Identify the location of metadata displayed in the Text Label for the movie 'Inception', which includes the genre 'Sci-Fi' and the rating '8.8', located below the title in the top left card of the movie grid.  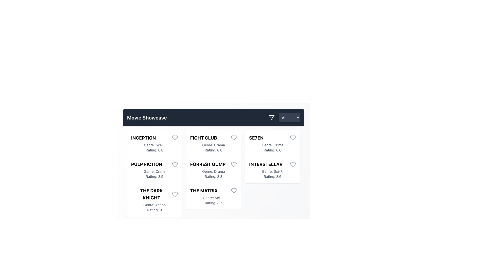
(154, 148).